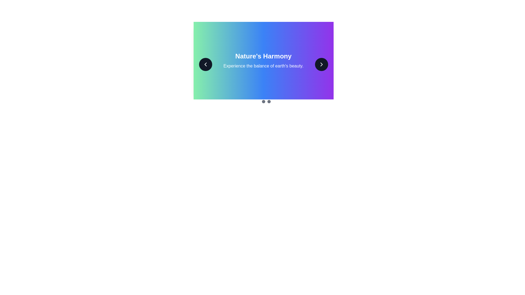  What do you see at coordinates (263, 66) in the screenshot?
I see `the textual element reading 'Experience the balance of earth's beauty.'` at bounding box center [263, 66].